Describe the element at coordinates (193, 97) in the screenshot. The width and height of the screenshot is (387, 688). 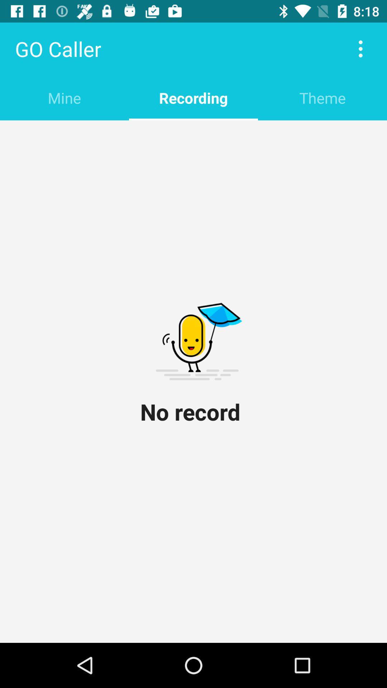
I see `item to the left of theme item` at that location.